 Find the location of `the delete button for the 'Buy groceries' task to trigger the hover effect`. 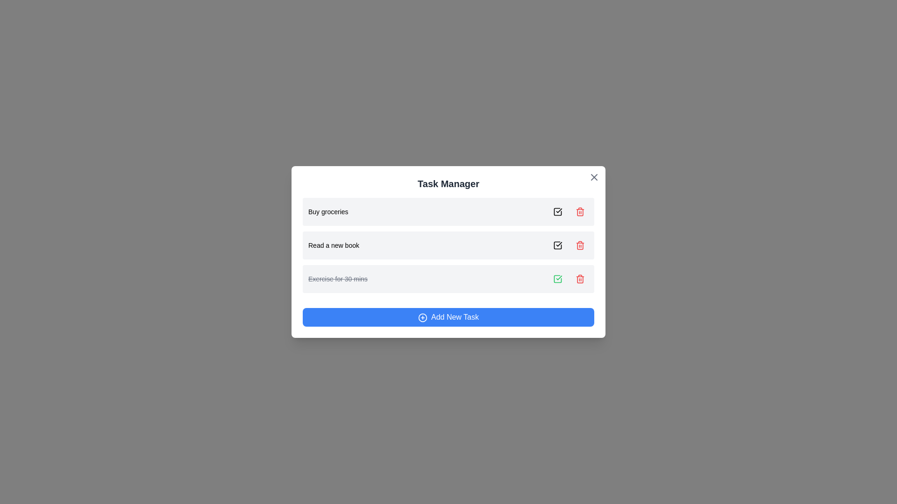

the delete button for the 'Buy groceries' task to trigger the hover effect is located at coordinates (580, 212).